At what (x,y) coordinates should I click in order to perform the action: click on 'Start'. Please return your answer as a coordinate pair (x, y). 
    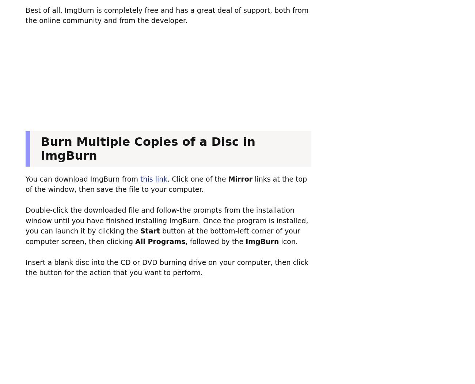
    Looking at the image, I should click on (140, 230).